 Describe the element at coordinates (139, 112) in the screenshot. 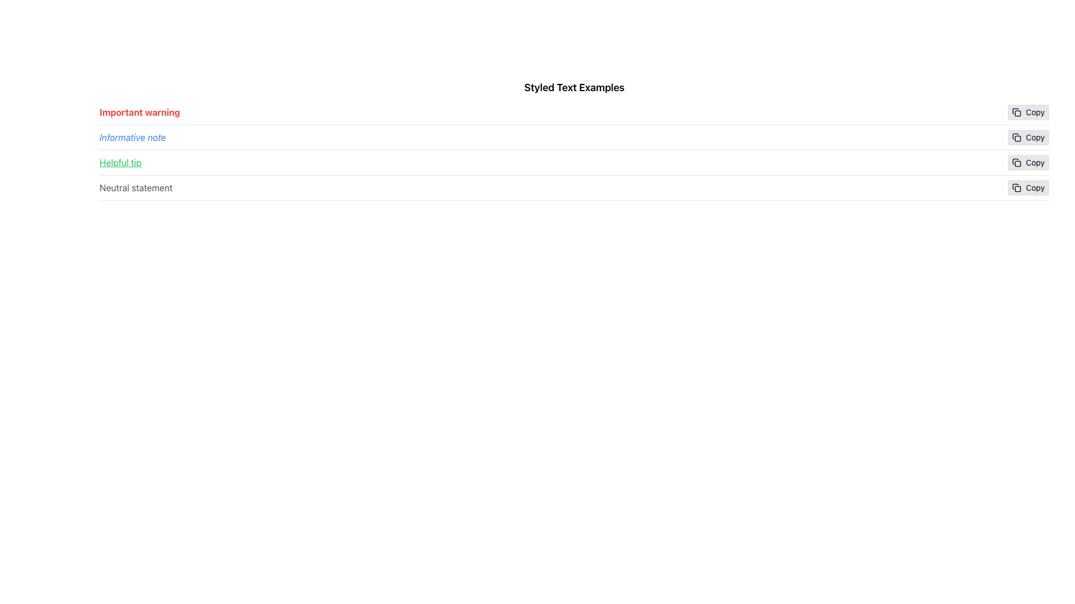

I see `the content of the text label located at the top-left of the list-like section, preceding the 'Copy' button` at that location.